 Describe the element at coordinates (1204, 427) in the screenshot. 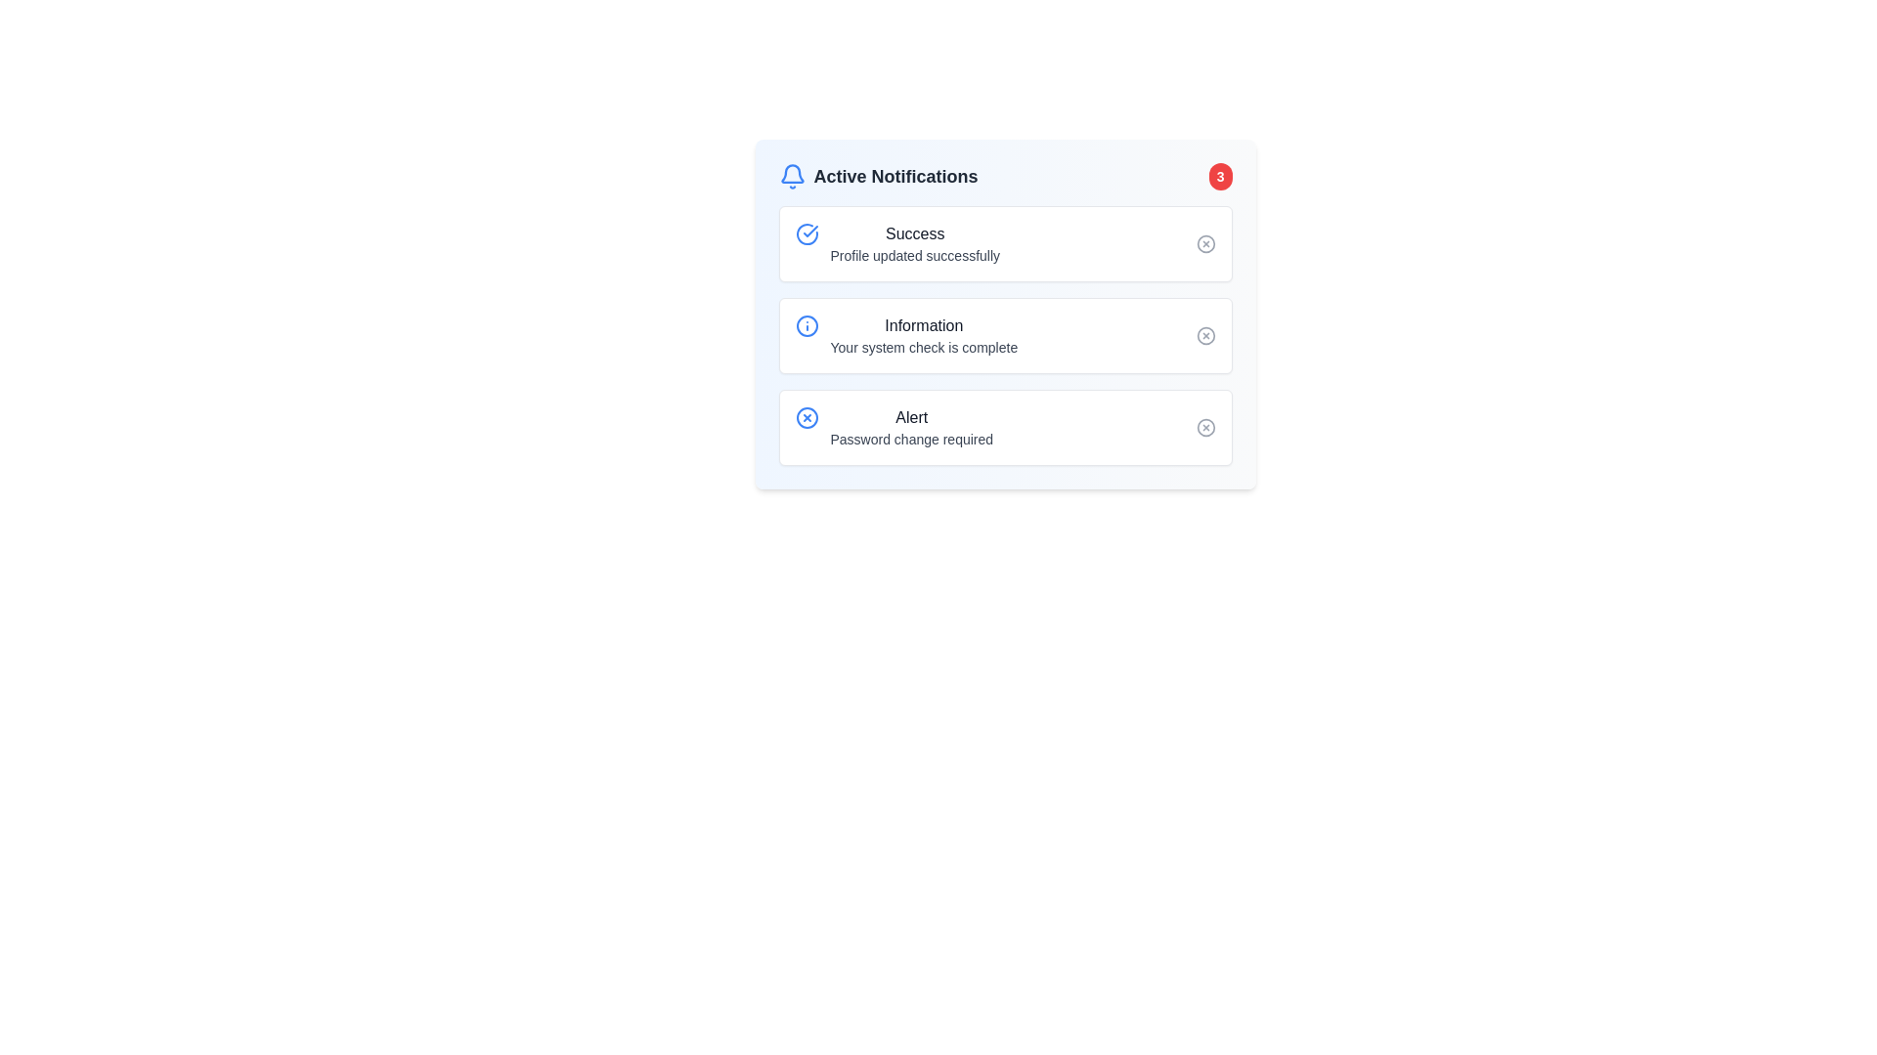

I see `the SVG circle element that is part of the graphical user interface icon within the third notification entry labeled 'Alert'` at that location.